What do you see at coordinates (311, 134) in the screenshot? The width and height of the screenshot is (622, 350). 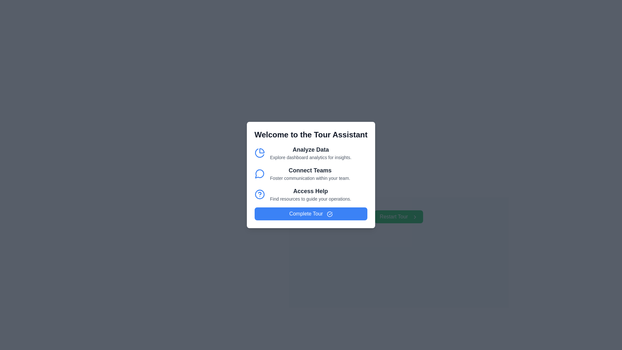 I see `the heading text located at the top of the modal dialog` at bounding box center [311, 134].